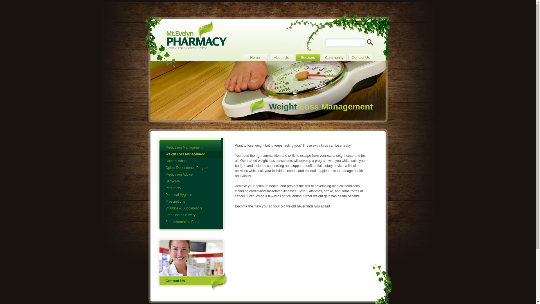 This screenshot has width=540, height=304. Describe the element at coordinates (334, 57) in the screenshot. I see `'Community'` at that location.